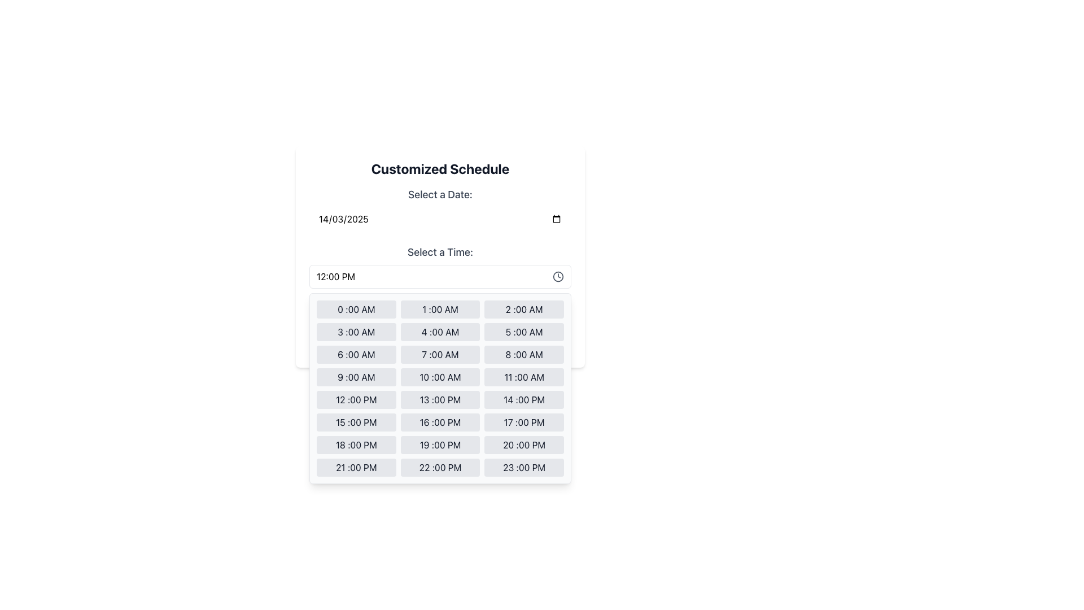 The height and width of the screenshot is (610, 1084). Describe the element at coordinates (439, 331) in the screenshot. I see `the button labeled '4:00 AM', which is a rectangular button with rounded corners and a light gray background` at that location.